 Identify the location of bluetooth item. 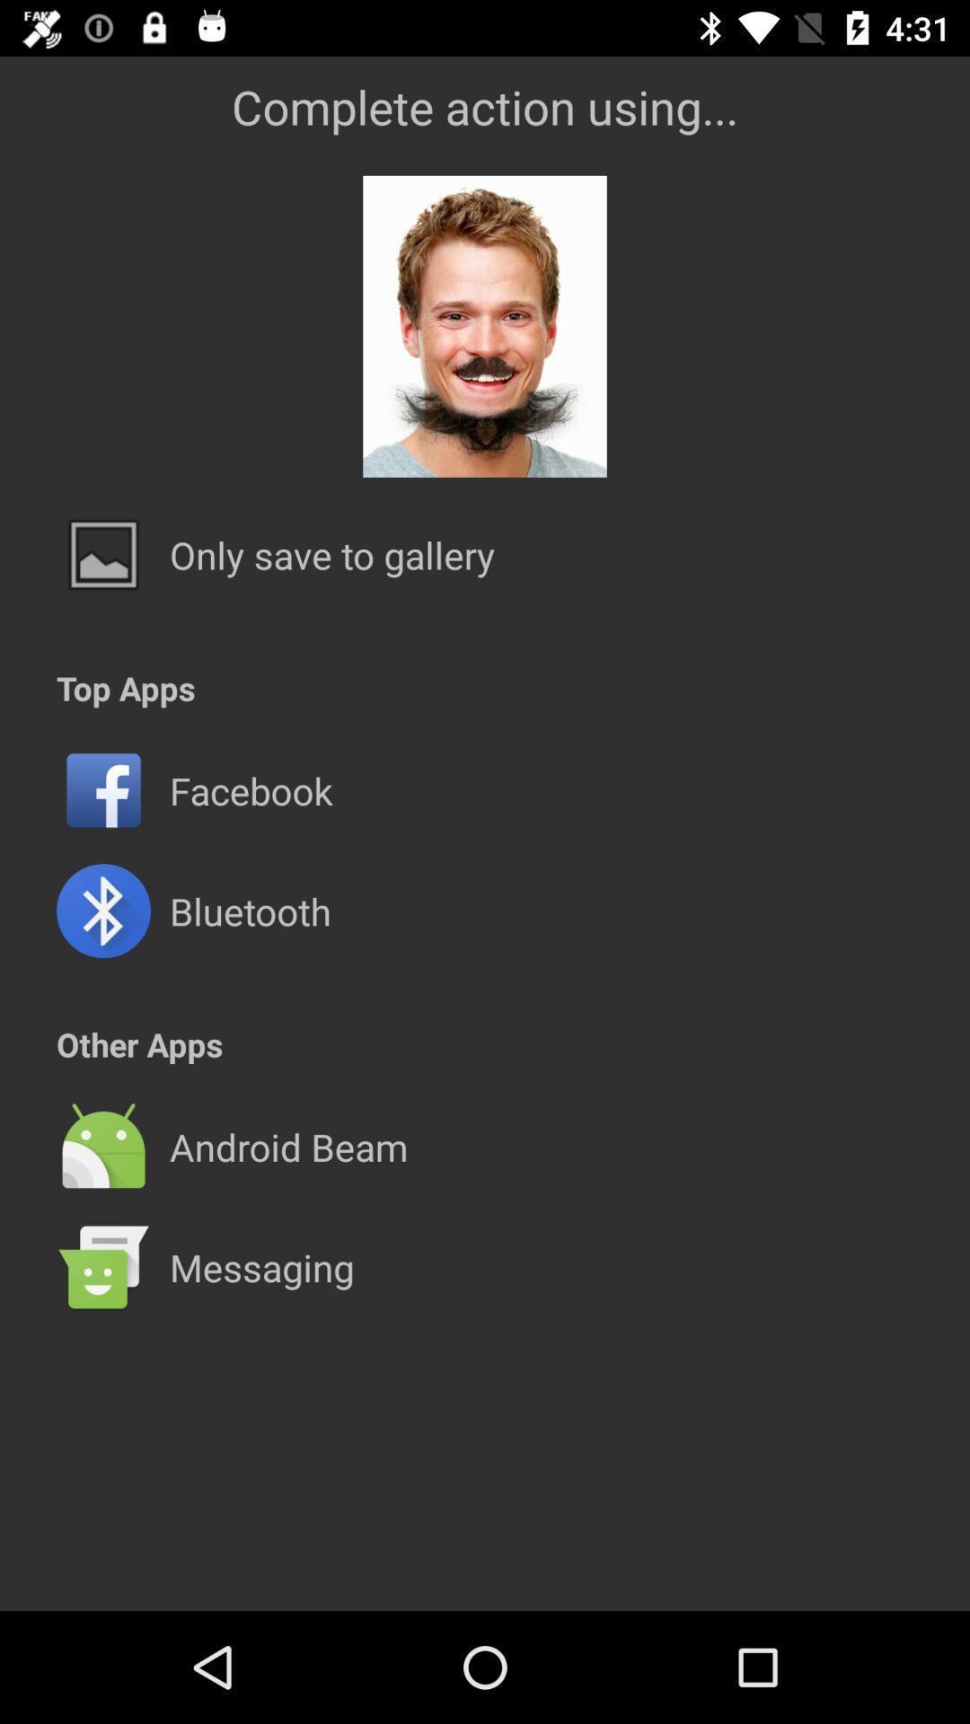
(250, 910).